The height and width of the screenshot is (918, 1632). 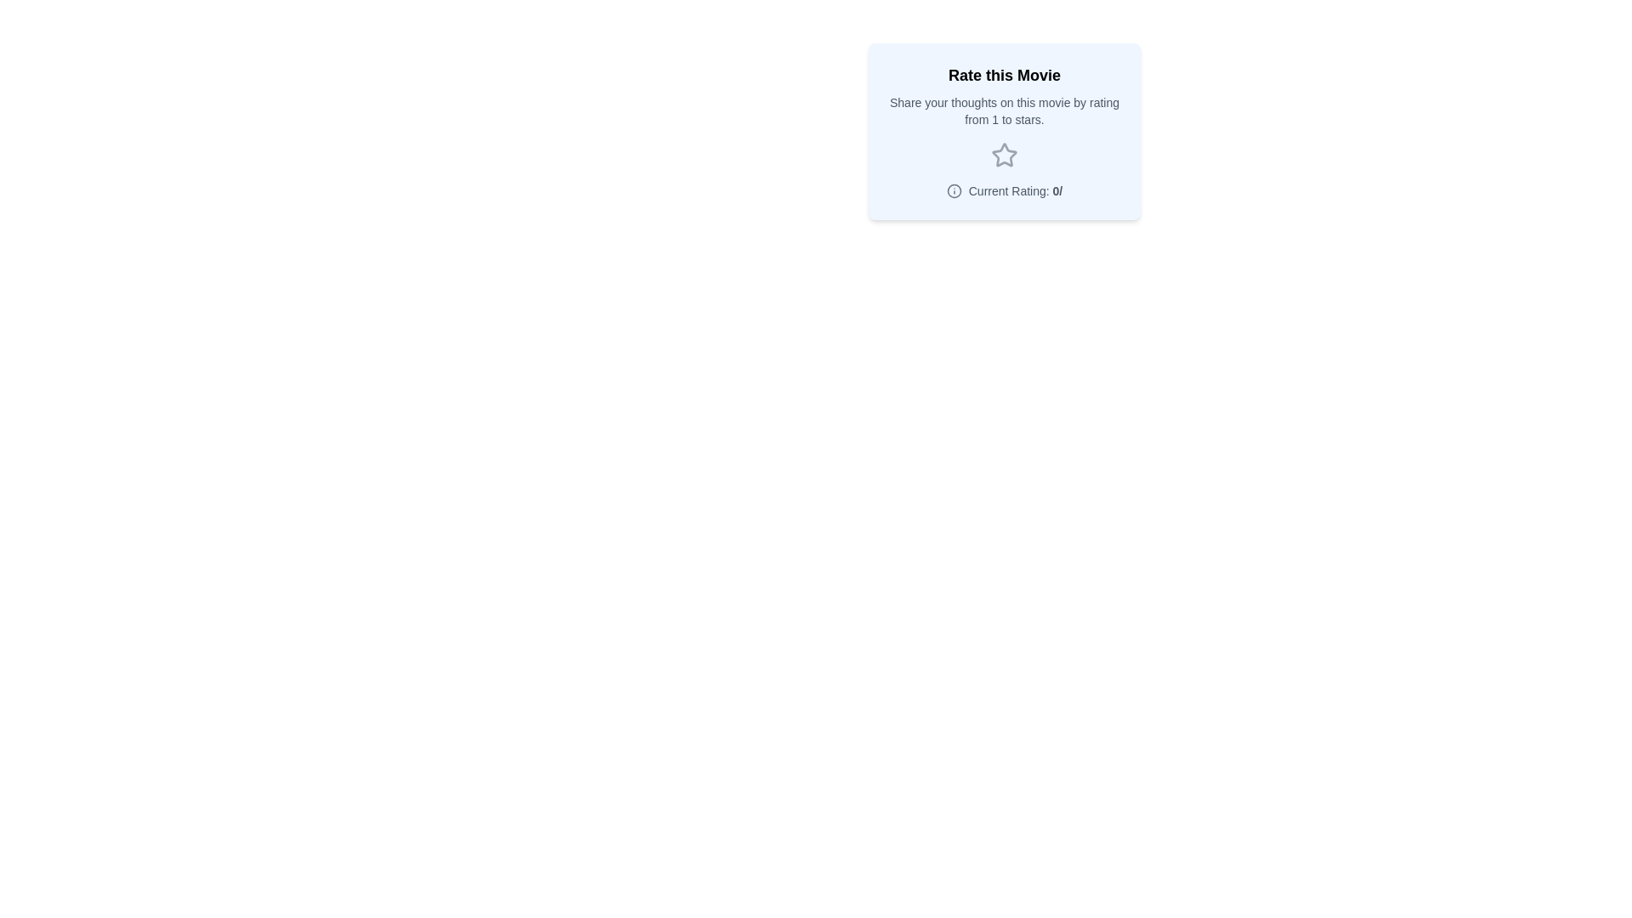 I want to click on the star icon with a hollow center and gray outline, so click(x=1004, y=155).